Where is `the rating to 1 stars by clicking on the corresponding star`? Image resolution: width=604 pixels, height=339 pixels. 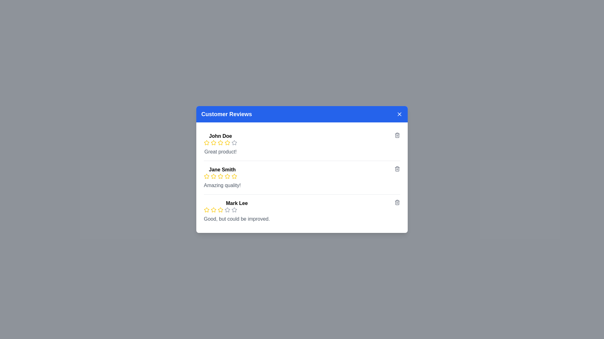
the rating to 1 stars by clicking on the corresponding star is located at coordinates (207, 143).